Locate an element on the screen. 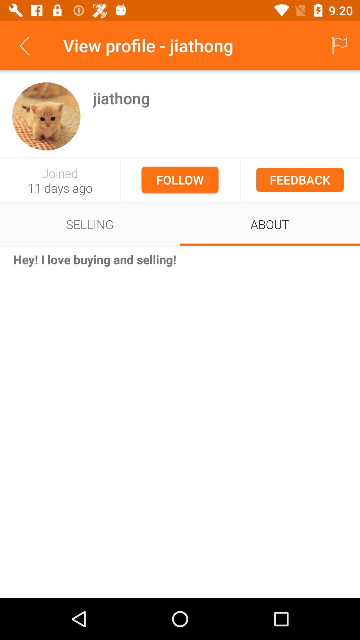  the item next to view profile - jiathong is located at coordinates (24, 45).